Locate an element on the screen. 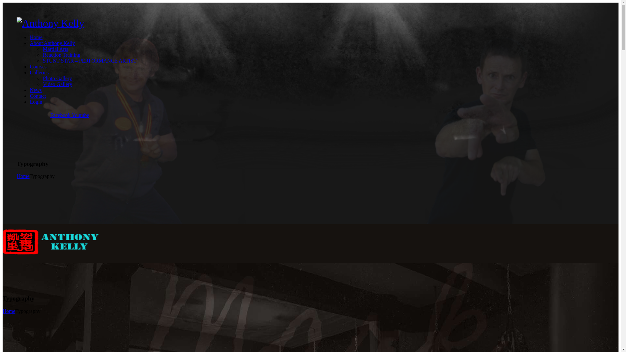  'Video Gallery' is located at coordinates (57, 84).